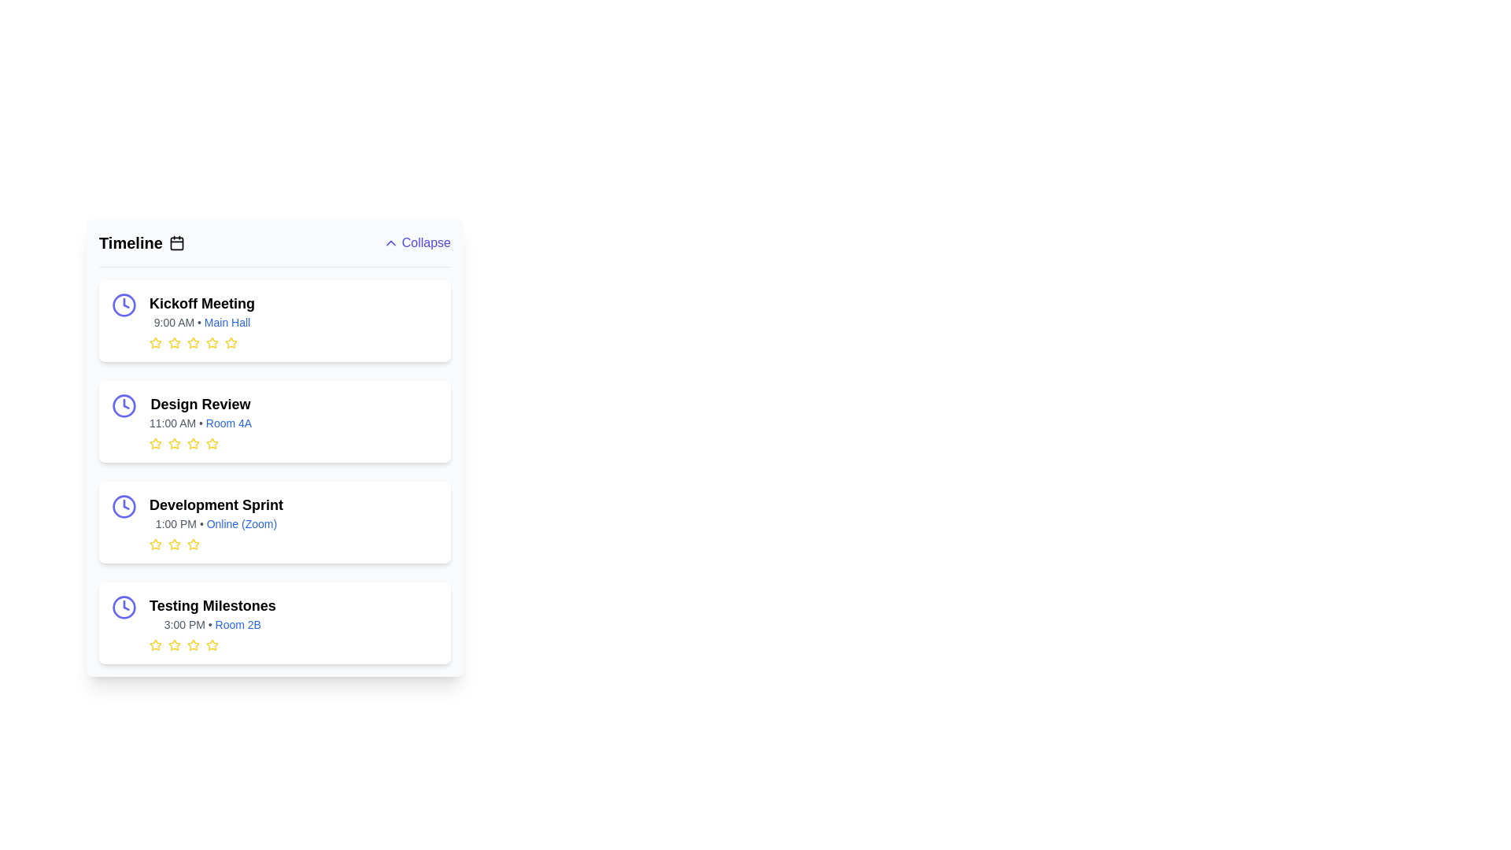 The height and width of the screenshot is (850, 1511). Describe the element at coordinates (124, 305) in the screenshot. I see `the circular outline filled with a gradient color that represents the edge of an analog clock, located within the clock icon of the 'Kickoff Meeting' entry in the timeline list` at that location.